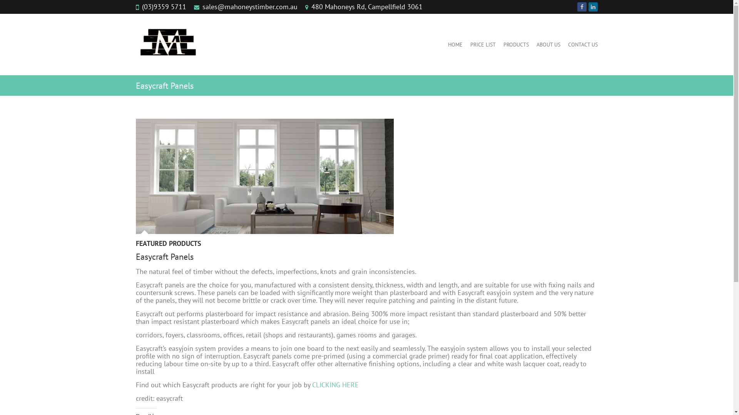 The height and width of the screenshot is (415, 739). I want to click on ' on Facebook', so click(582, 7).